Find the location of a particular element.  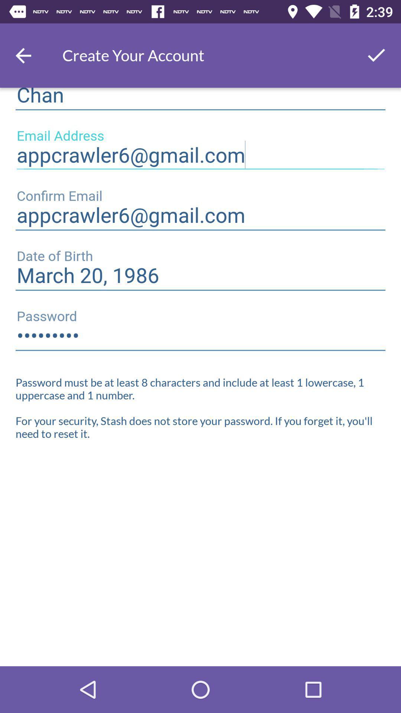

accept is located at coordinates (376, 55).